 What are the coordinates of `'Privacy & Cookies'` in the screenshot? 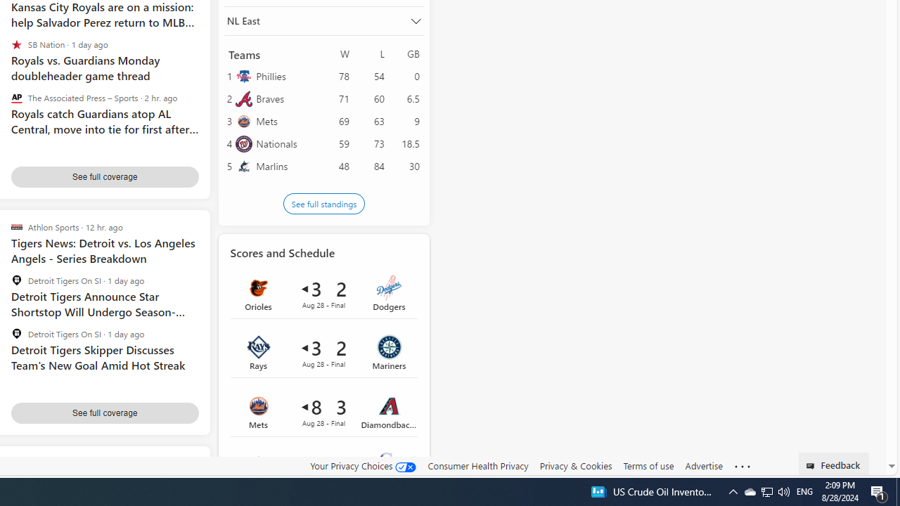 It's located at (575, 465).